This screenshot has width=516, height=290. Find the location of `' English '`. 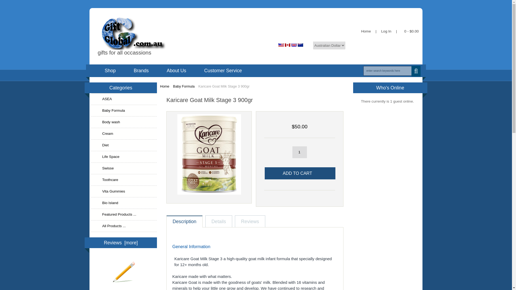

' English ' is located at coordinates (278, 45).